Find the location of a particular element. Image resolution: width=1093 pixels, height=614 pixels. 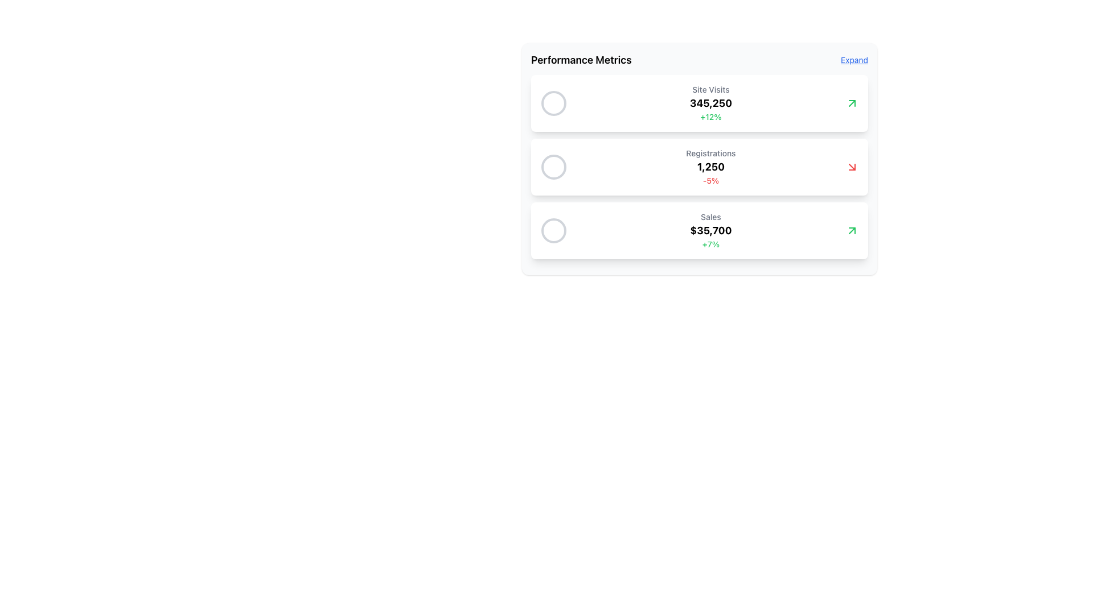

the text label that displays the numerical value of site visits, located in the first row of metrics, underneath 'Site Visits' and above '+12%' is located at coordinates (710, 103).